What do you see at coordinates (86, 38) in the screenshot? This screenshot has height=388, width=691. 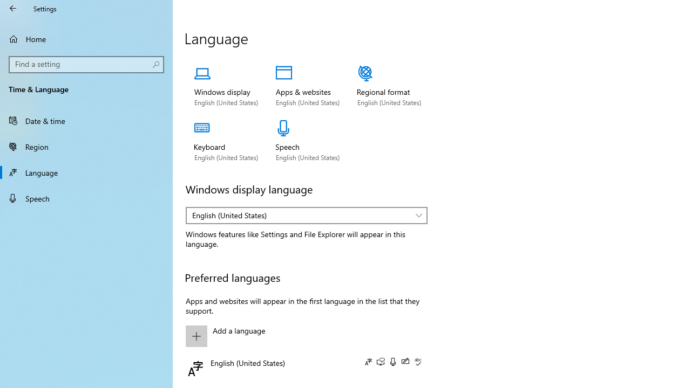 I see `'Home'` at bounding box center [86, 38].